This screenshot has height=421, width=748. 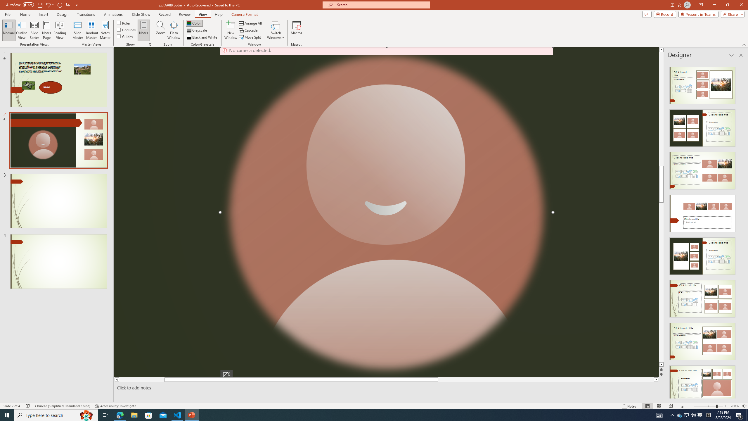 What do you see at coordinates (68, 4) in the screenshot?
I see `'From Beginning'` at bounding box center [68, 4].